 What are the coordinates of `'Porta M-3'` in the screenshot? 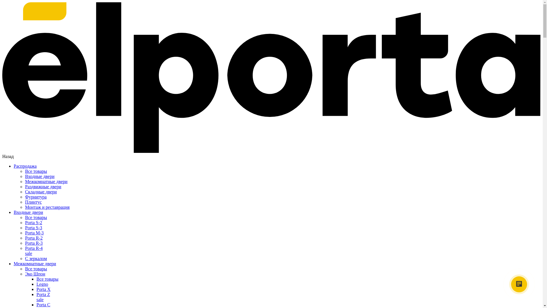 It's located at (34, 233).